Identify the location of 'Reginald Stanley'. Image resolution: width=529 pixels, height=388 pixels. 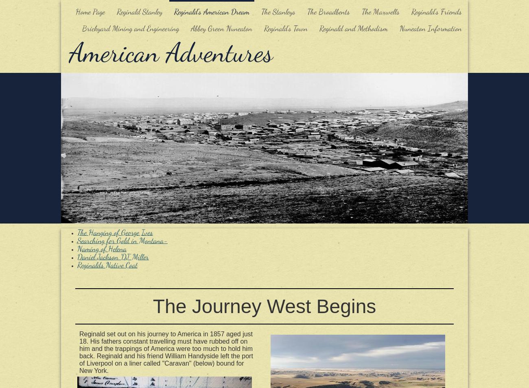
(139, 11).